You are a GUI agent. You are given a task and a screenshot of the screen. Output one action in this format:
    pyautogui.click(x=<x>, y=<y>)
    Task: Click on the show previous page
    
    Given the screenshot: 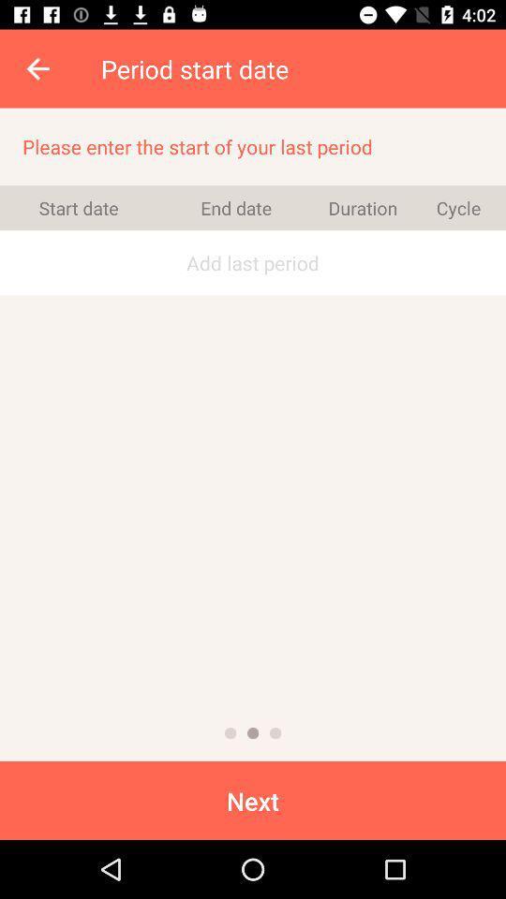 What is the action you would take?
    pyautogui.click(x=231, y=733)
    